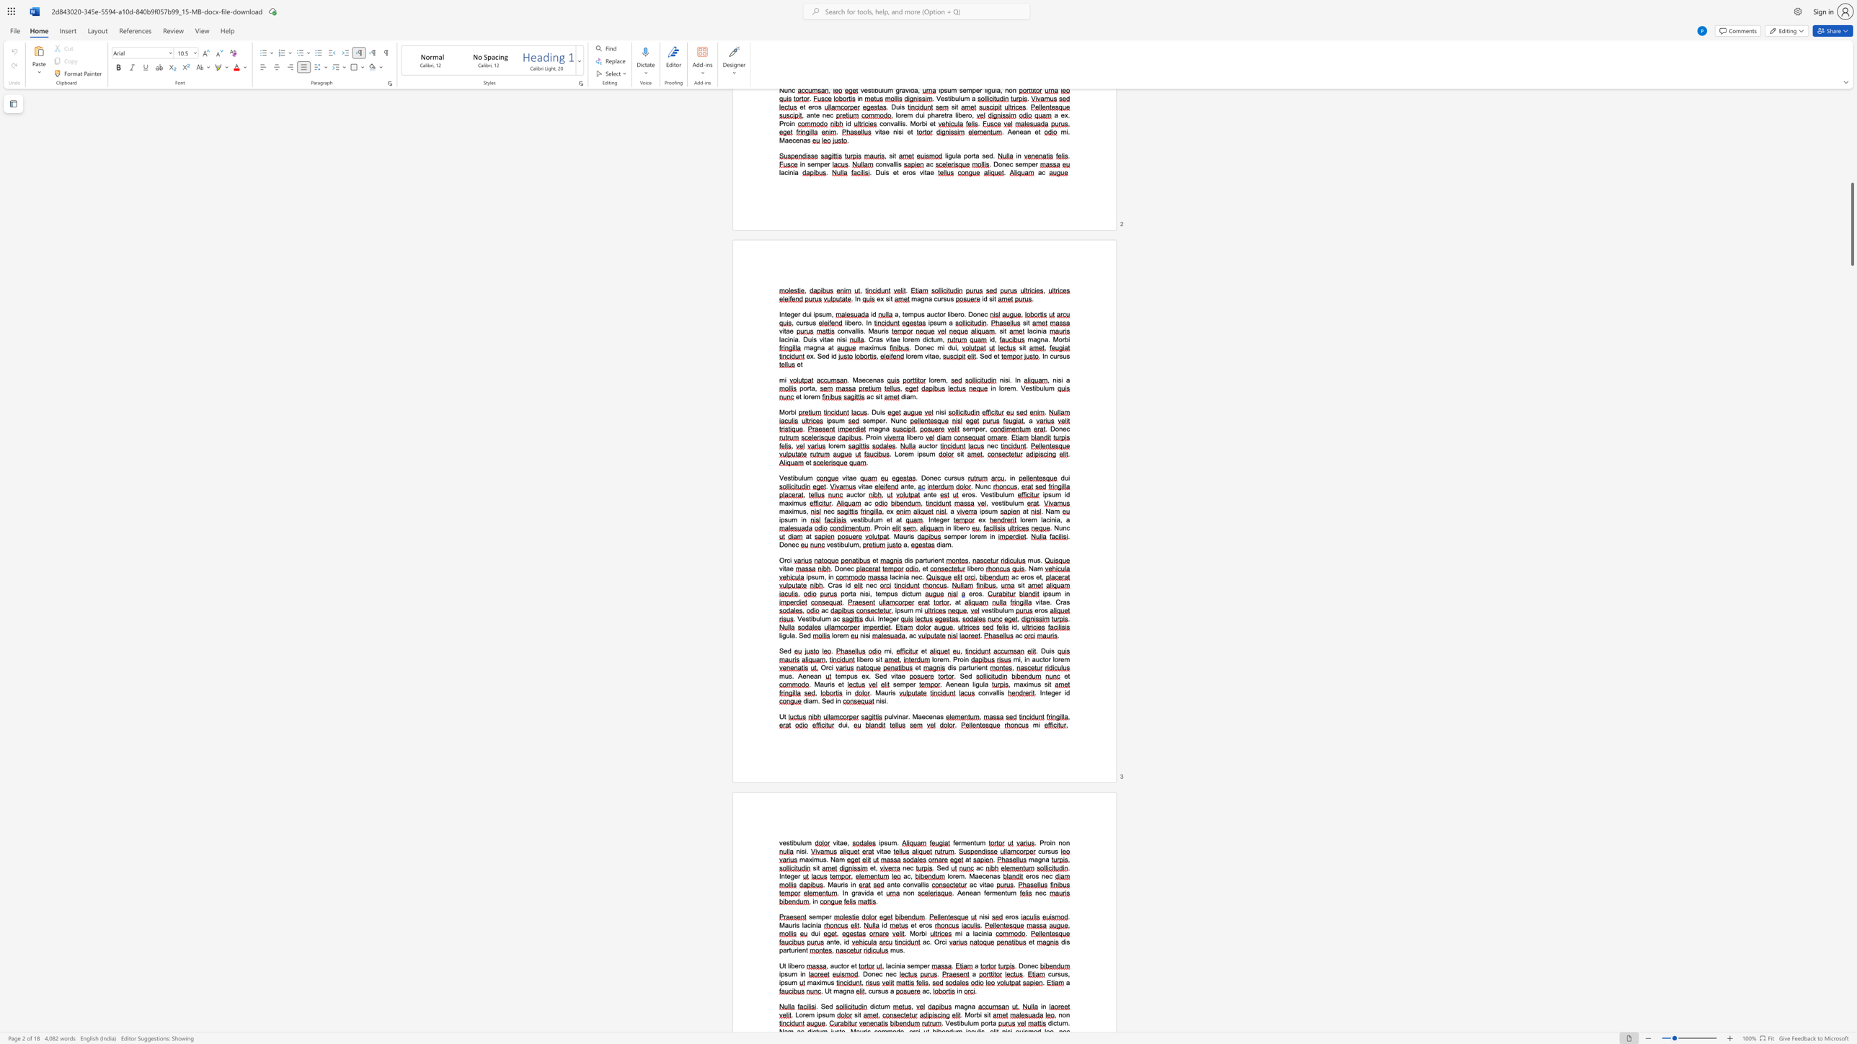 The image size is (1857, 1044). Describe the element at coordinates (953, 667) in the screenshot. I see `the space between the continuous character "i" and "s" in the text` at that location.